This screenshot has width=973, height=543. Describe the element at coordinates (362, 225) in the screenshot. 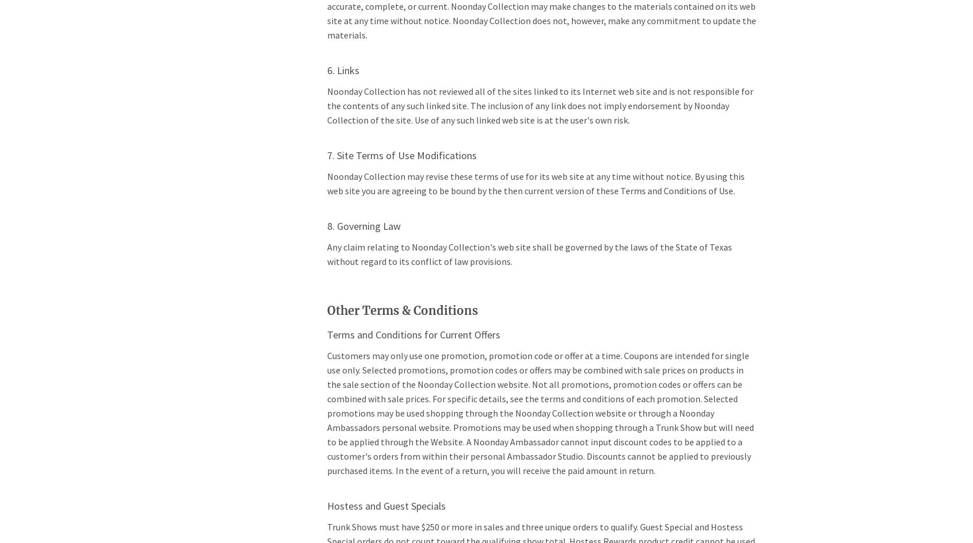

I see `'8. Governing Law'` at that location.